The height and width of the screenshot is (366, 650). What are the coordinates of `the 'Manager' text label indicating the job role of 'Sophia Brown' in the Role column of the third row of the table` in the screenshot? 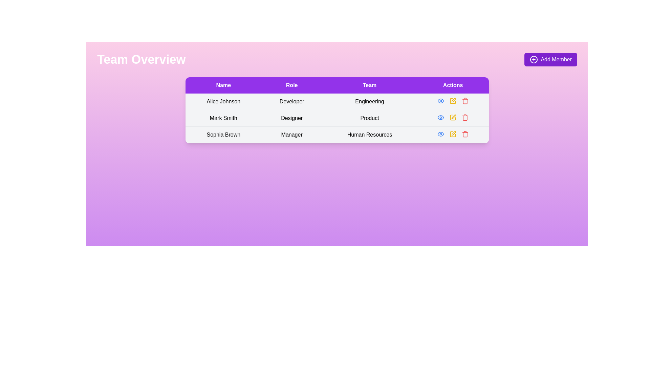 It's located at (292, 135).